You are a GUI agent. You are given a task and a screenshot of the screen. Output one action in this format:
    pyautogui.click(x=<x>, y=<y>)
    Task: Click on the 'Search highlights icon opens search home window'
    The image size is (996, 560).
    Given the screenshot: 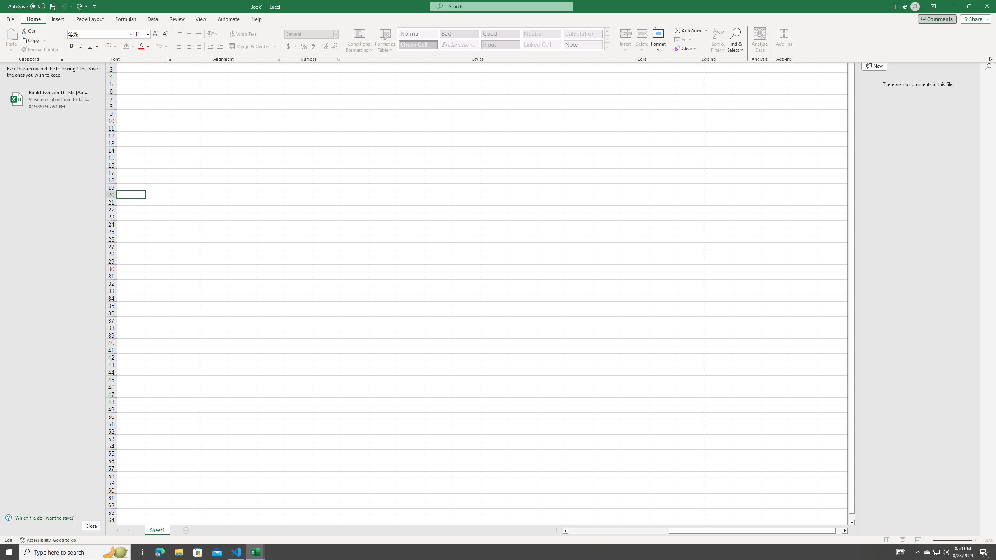 What is the action you would take?
    pyautogui.click(x=114, y=551)
    